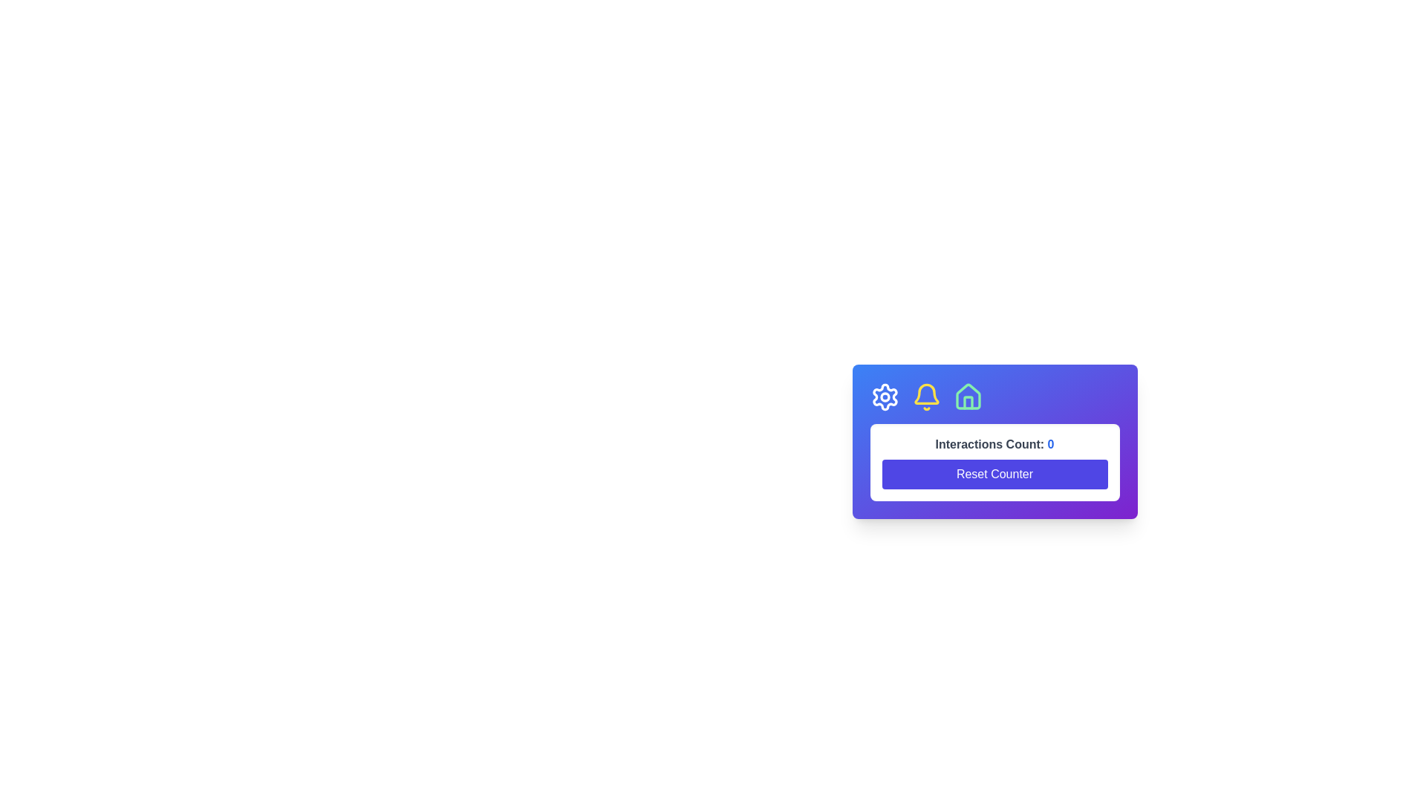 The image size is (1426, 802). I want to click on the blue button labeled 'Reset Counter' within the composite component that displays 'Interactions Count: 0', so click(994, 489).